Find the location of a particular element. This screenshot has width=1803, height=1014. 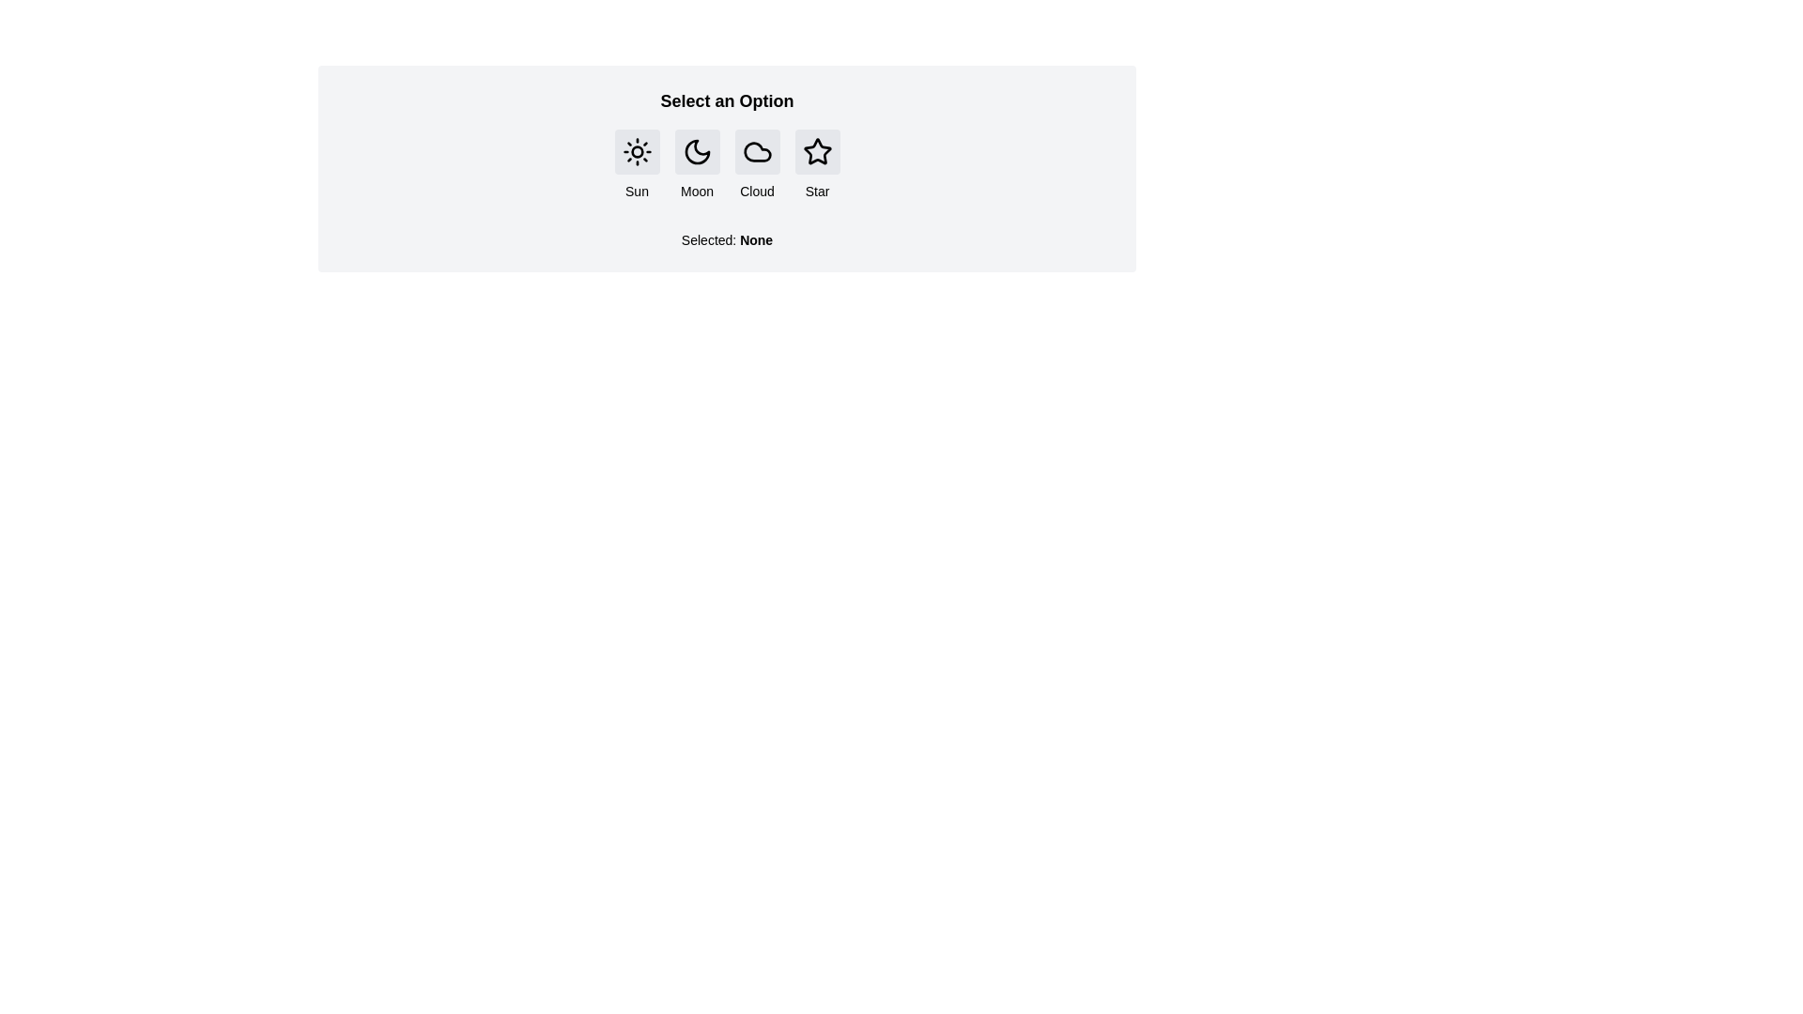

the 'Sun' icon button, which is the first icon in the horizontal row of four within the 'Select an Option' group is located at coordinates (637, 151).